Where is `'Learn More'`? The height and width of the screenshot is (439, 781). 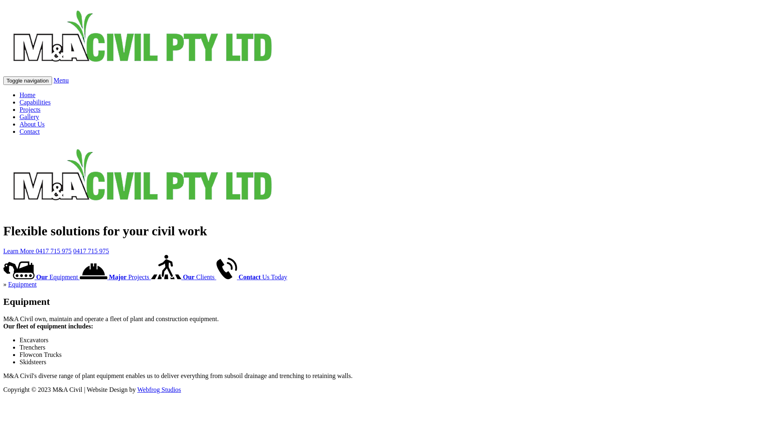 'Learn More' is located at coordinates (20, 250).